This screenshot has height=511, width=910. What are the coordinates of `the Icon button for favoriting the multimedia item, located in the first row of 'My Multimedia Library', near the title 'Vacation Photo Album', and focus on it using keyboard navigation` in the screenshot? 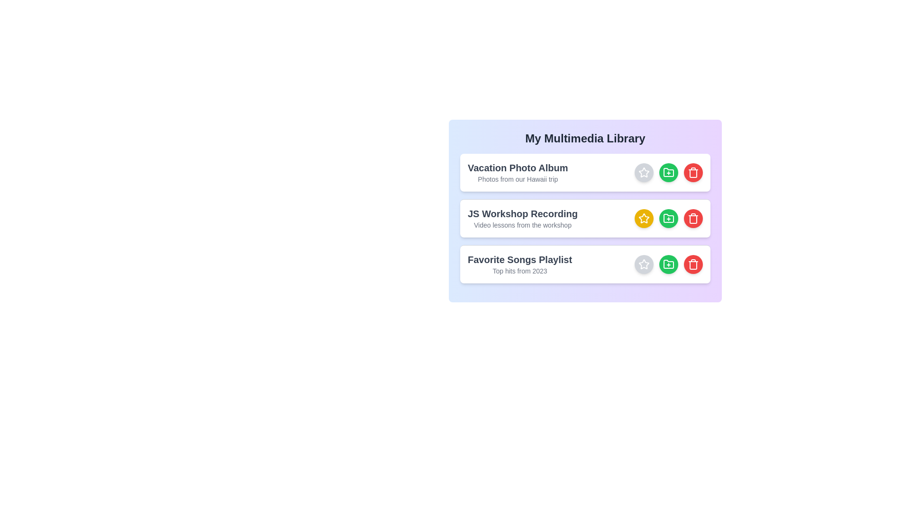 It's located at (644, 173).